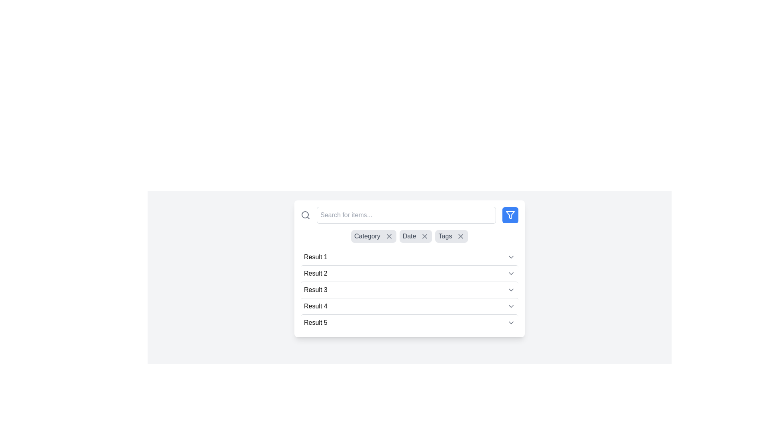 This screenshot has height=432, width=768. I want to click on the chevron icon located to the right of 'Result 5', so click(510, 322).